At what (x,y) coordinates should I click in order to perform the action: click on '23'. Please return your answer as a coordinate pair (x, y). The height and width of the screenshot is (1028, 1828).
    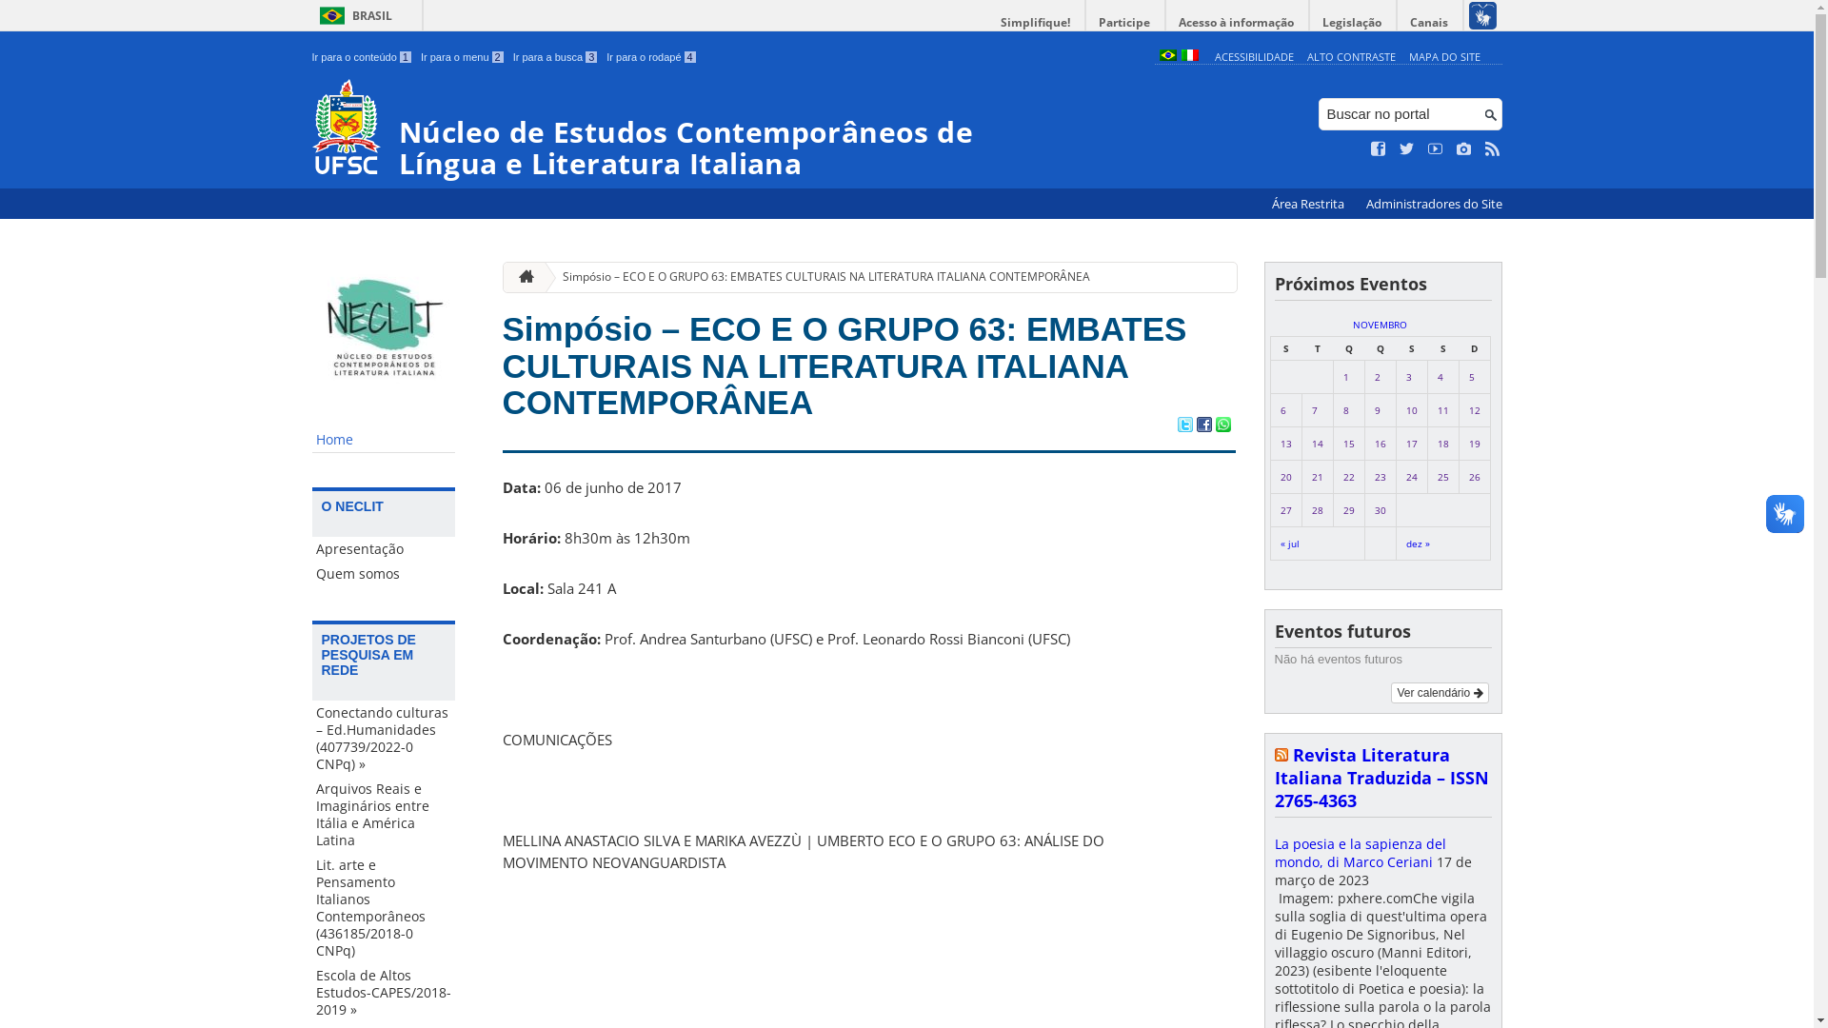
    Looking at the image, I should click on (1380, 476).